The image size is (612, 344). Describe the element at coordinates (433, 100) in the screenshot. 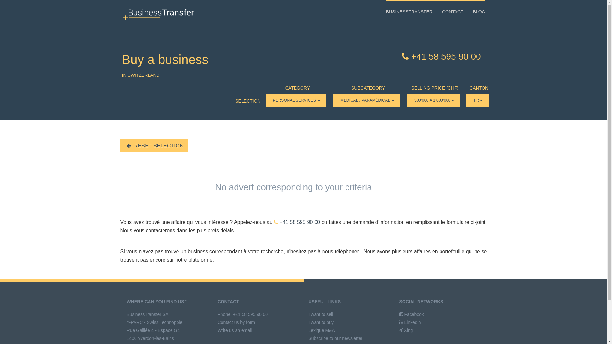

I see `'500'000 A 1'000'000'` at that location.